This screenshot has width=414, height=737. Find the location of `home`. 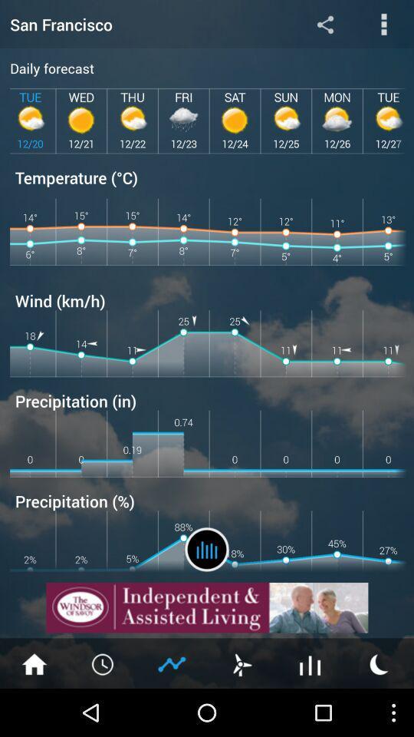

home is located at coordinates (34, 663).